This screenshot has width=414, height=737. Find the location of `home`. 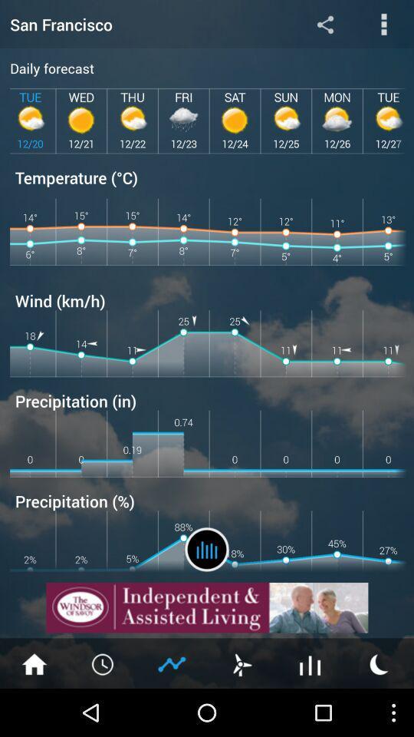

home is located at coordinates (34, 663).